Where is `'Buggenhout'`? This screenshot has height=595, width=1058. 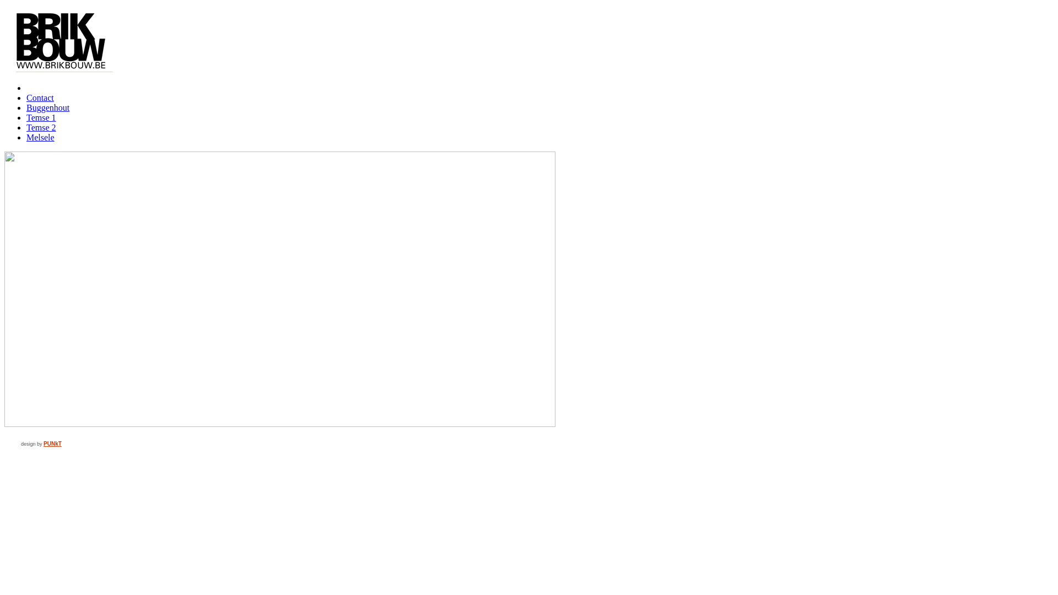 'Buggenhout' is located at coordinates (47, 107).